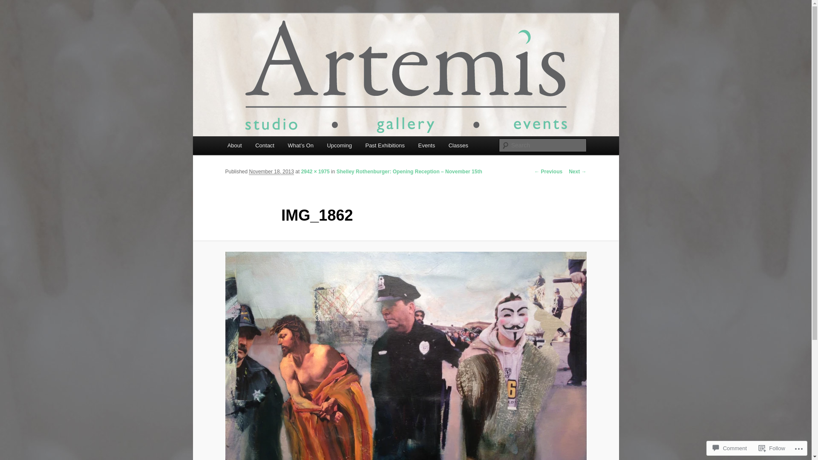  What do you see at coordinates (772, 448) in the screenshot?
I see `'Follow'` at bounding box center [772, 448].